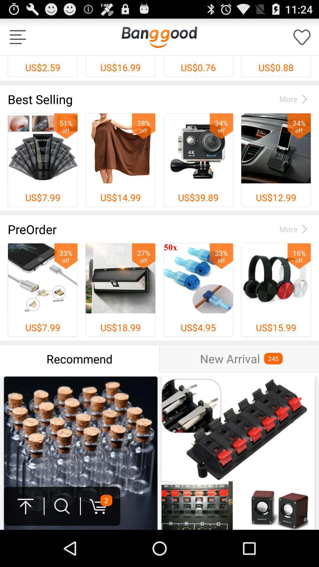 This screenshot has width=319, height=567. What do you see at coordinates (230, 358) in the screenshot?
I see `the app to the left of the 245 app` at bounding box center [230, 358].